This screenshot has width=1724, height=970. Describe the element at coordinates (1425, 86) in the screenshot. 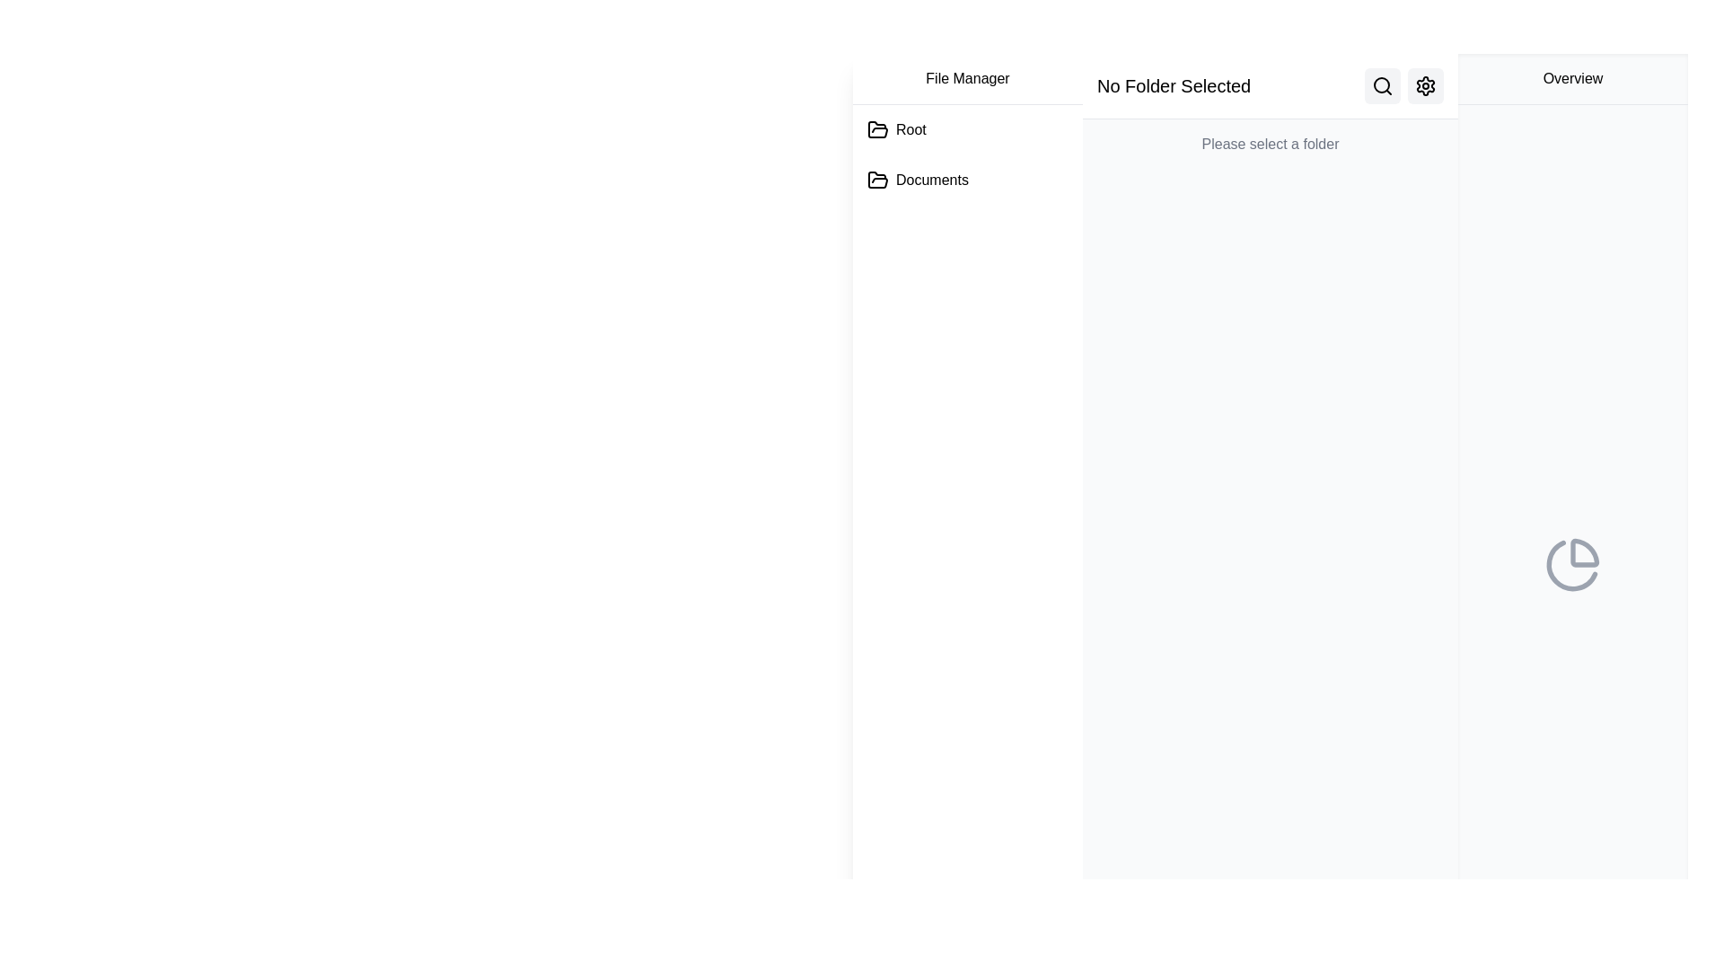

I see `the gear or settings icon located in the top-right corner of the user interface` at that location.